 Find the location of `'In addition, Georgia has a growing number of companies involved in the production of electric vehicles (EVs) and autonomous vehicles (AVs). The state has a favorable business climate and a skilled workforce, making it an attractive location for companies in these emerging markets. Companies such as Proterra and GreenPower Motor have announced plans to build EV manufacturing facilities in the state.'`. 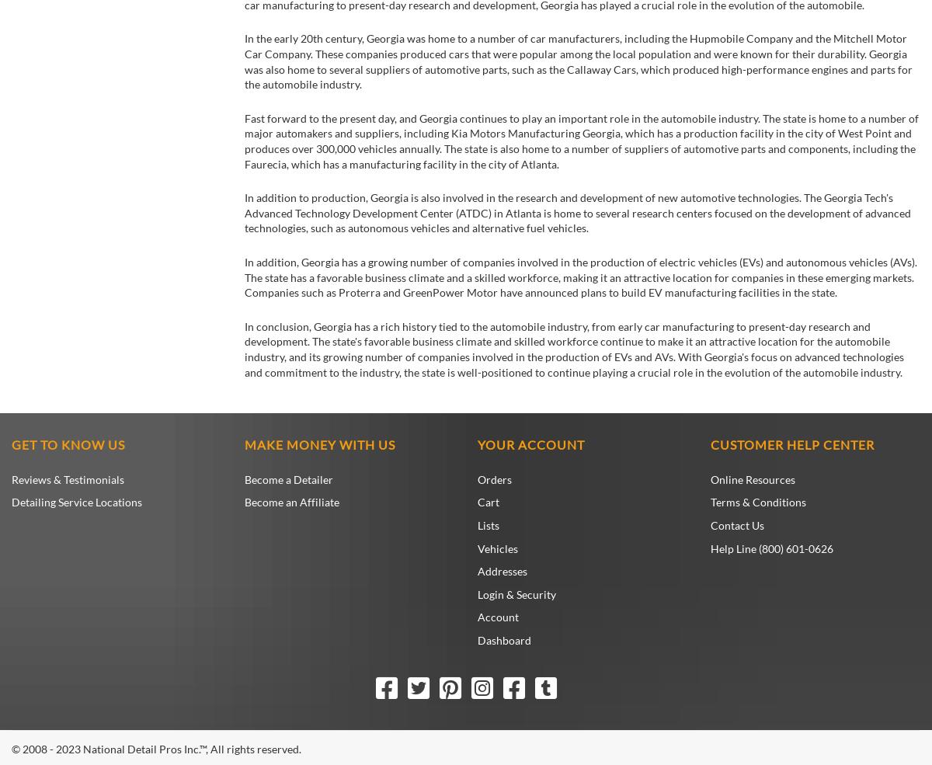

'In addition, Georgia has a growing number of companies involved in the production of electric vehicles (EVs) and autonomous vehicles (AVs). The state has a favorable business climate and a skilled workforce, making it an attractive location for companies in these emerging markets. Companies such as Proterra and GreenPower Motor have announced plans to build EV manufacturing facilities in the state.' is located at coordinates (580, 276).